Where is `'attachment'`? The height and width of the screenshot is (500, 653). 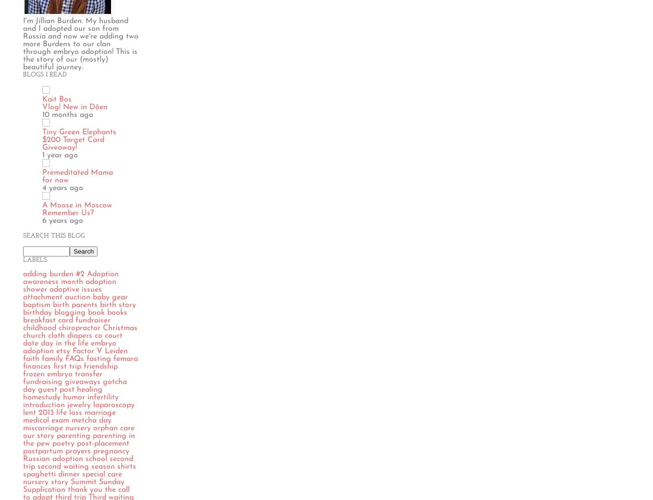
'attachment' is located at coordinates (42, 296).